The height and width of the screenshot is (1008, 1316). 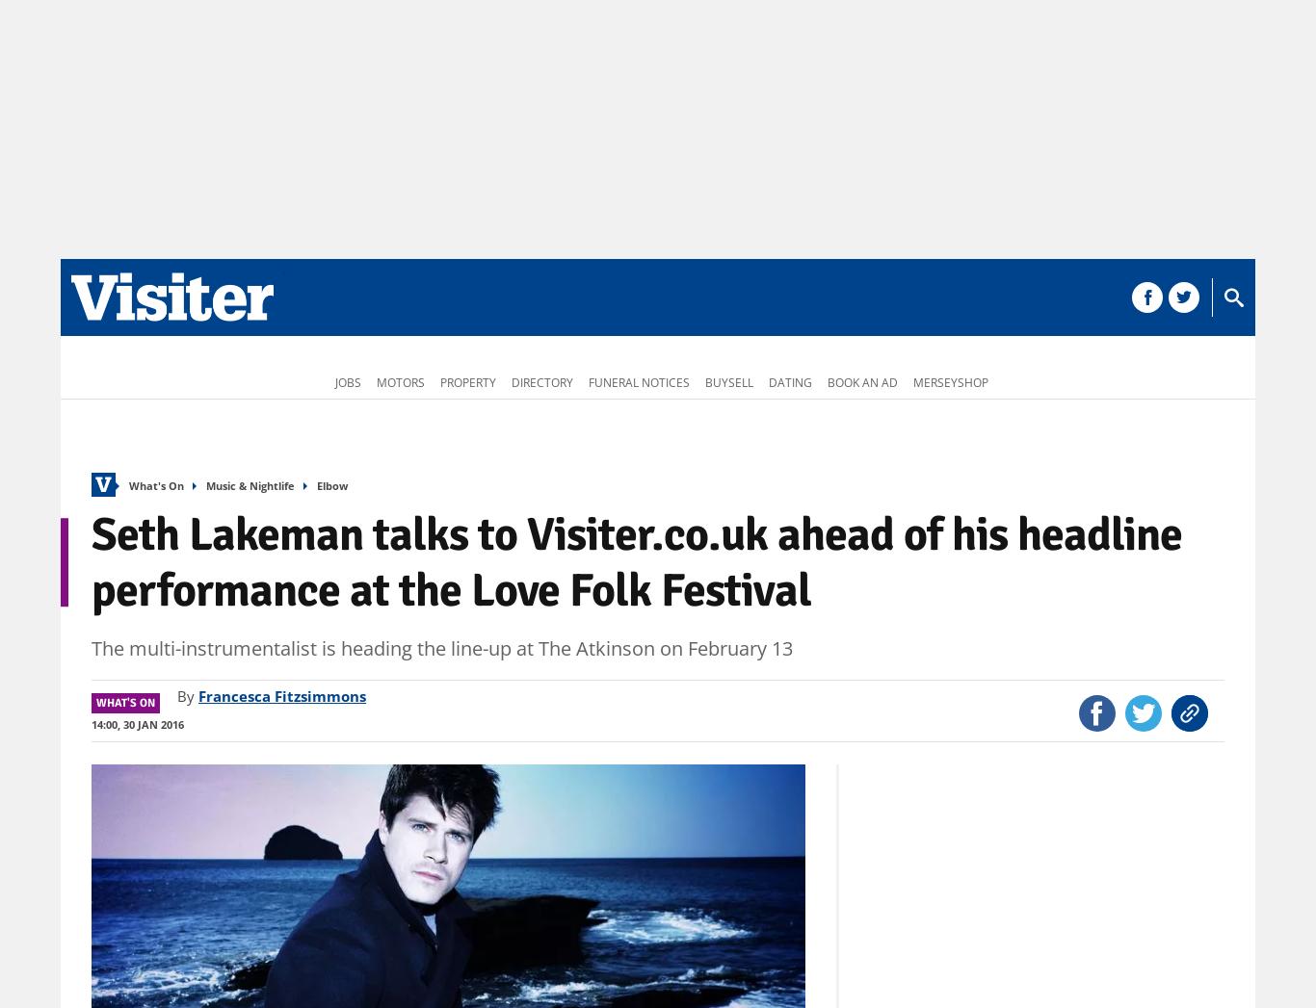 What do you see at coordinates (468, 381) in the screenshot?
I see `'Property'` at bounding box center [468, 381].